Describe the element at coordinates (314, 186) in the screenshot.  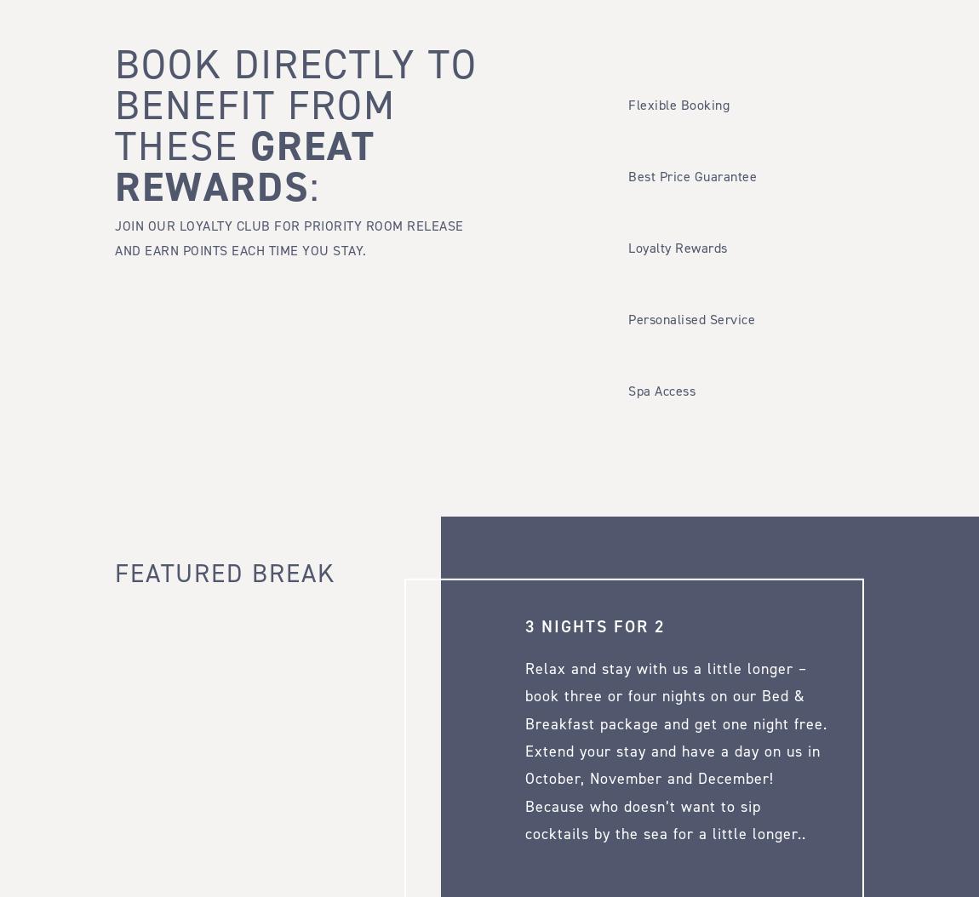
I see `':'` at that location.